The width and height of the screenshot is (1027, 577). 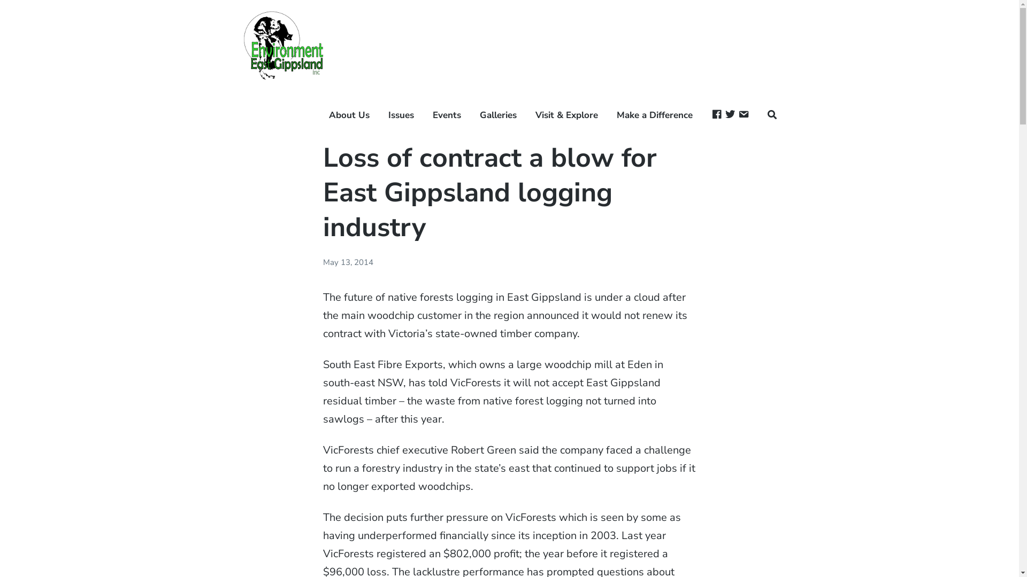 I want to click on 'Facebook', so click(x=716, y=115).